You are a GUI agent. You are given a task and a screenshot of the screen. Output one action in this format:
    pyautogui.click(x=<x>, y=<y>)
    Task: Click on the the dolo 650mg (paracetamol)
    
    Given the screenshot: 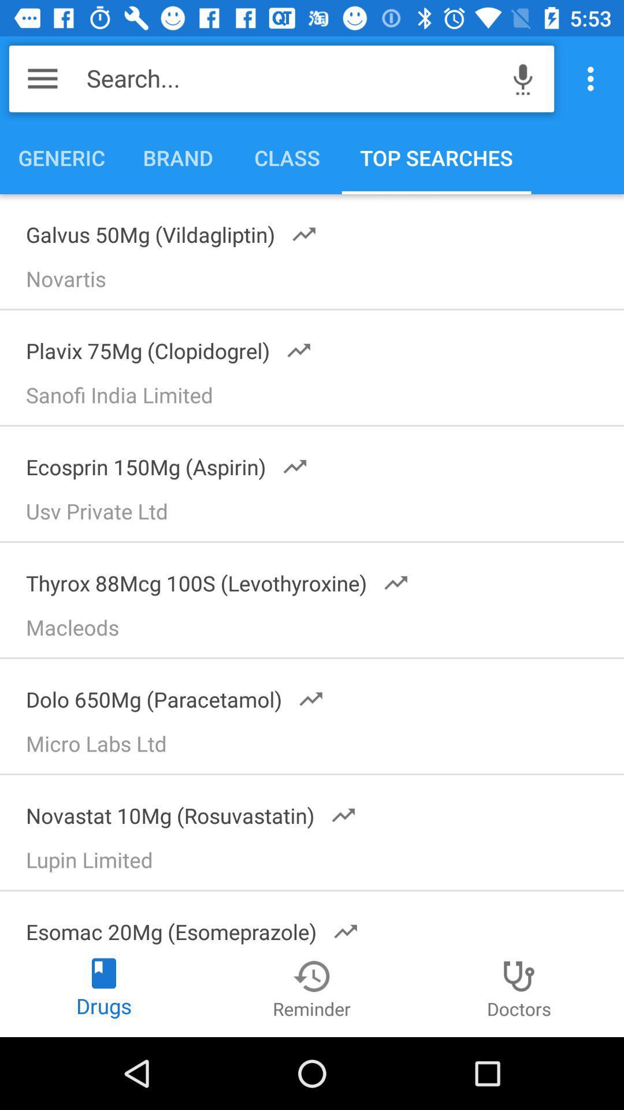 What is the action you would take?
    pyautogui.click(x=168, y=695)
    